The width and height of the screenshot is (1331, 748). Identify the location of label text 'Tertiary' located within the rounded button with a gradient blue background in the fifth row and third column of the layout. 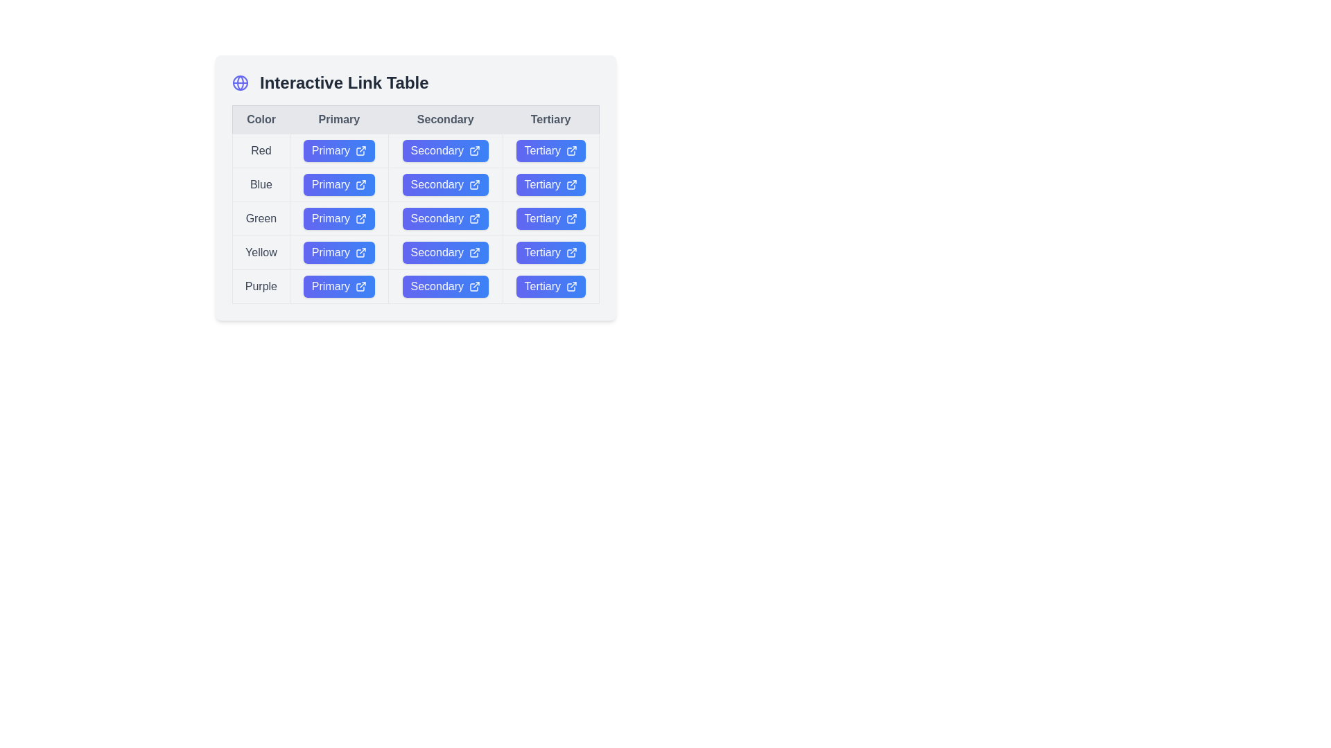
(541, 285).